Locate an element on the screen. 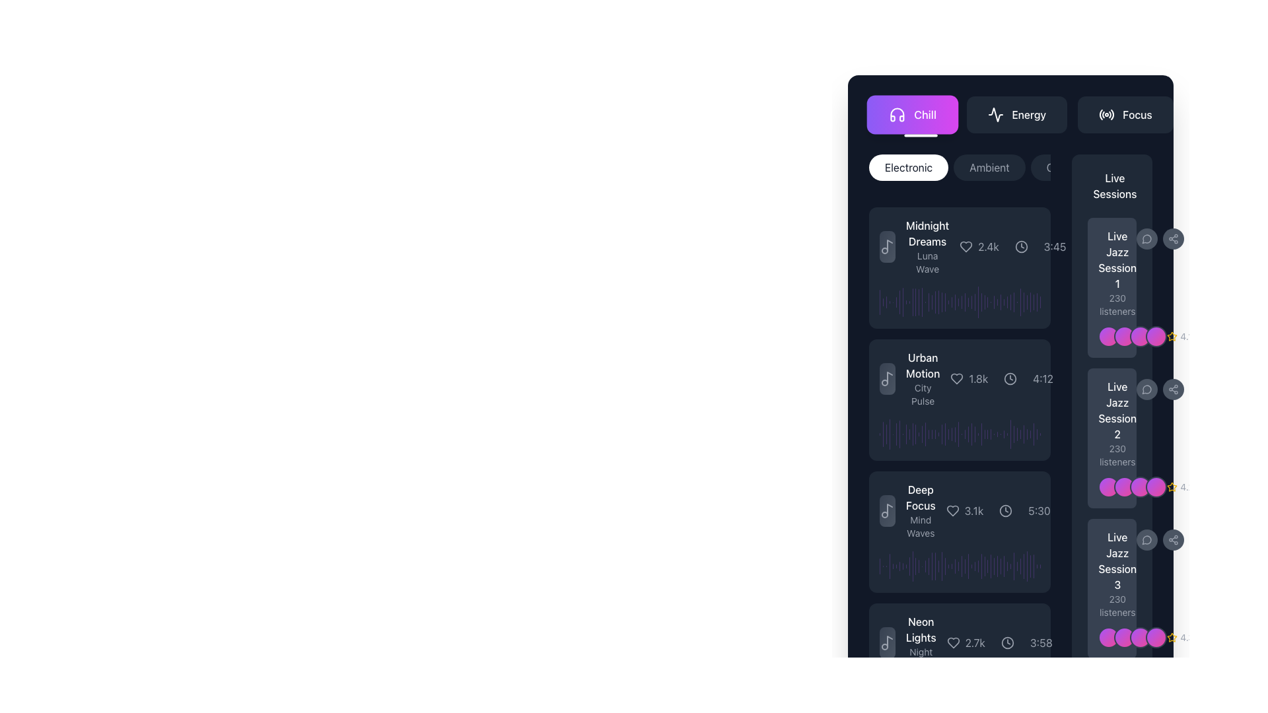 The image size is (1268, 713). the 41st decorative vertical bar in the series, which contributes to a visualization or chart is located at coordinates (1010, 697).